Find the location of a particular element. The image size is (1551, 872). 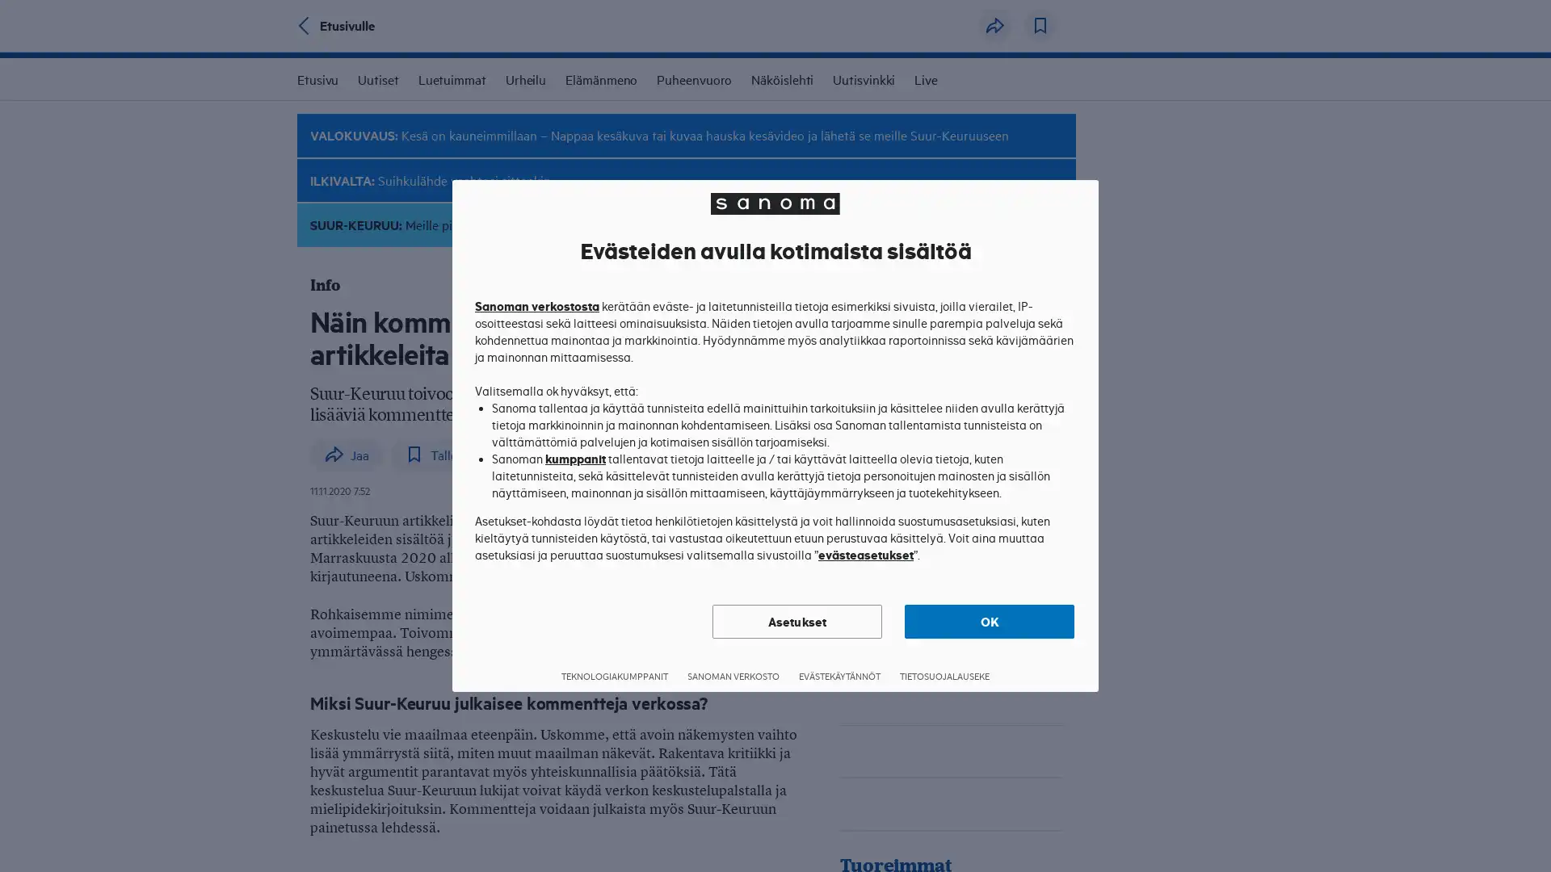

Tallenna is located at coordinates (441, 454).